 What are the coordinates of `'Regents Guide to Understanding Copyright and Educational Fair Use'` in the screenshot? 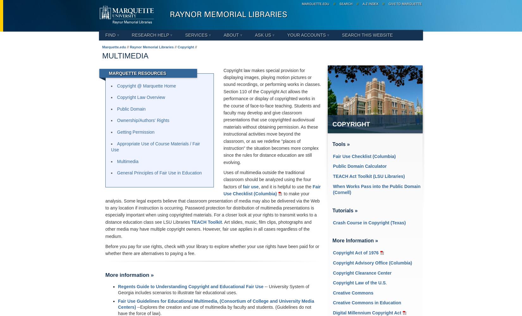 It's located at (190, 286).